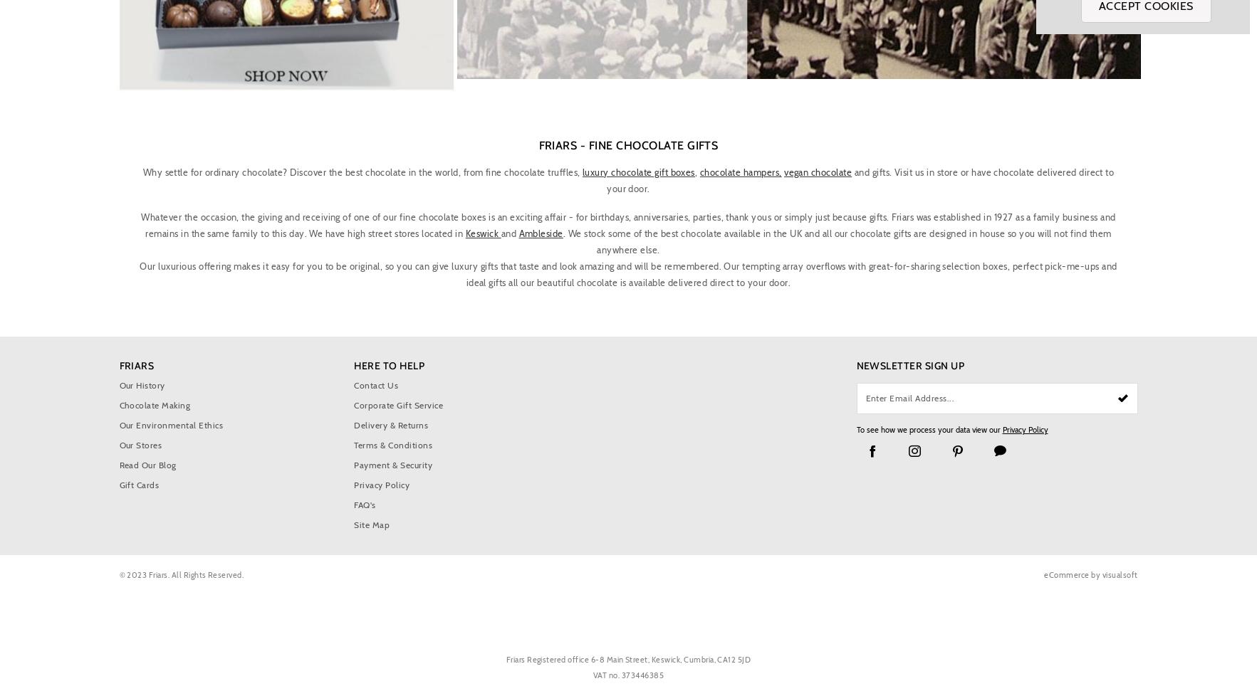 The width and height of the screenshot is (1257, 691). What do you see at coordinates (392, 444) in the screenshot?
I see `'Terms & Conditions'` at bounding box center [392, 444].